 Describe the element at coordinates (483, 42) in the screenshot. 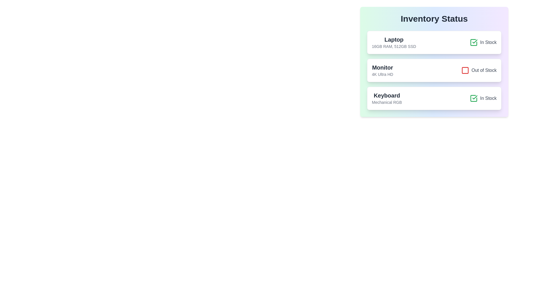

I see `the availability status label indicating 'In Stock' for the Laptop product located on the right side of the first row in the inventory status list` at that location.